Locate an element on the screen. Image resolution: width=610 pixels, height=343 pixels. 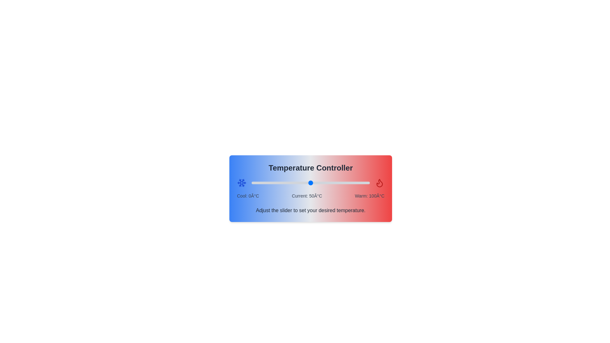
the snowflake icon to indicate the selection of a cool temperature setting is located at coordinates (241, 183).